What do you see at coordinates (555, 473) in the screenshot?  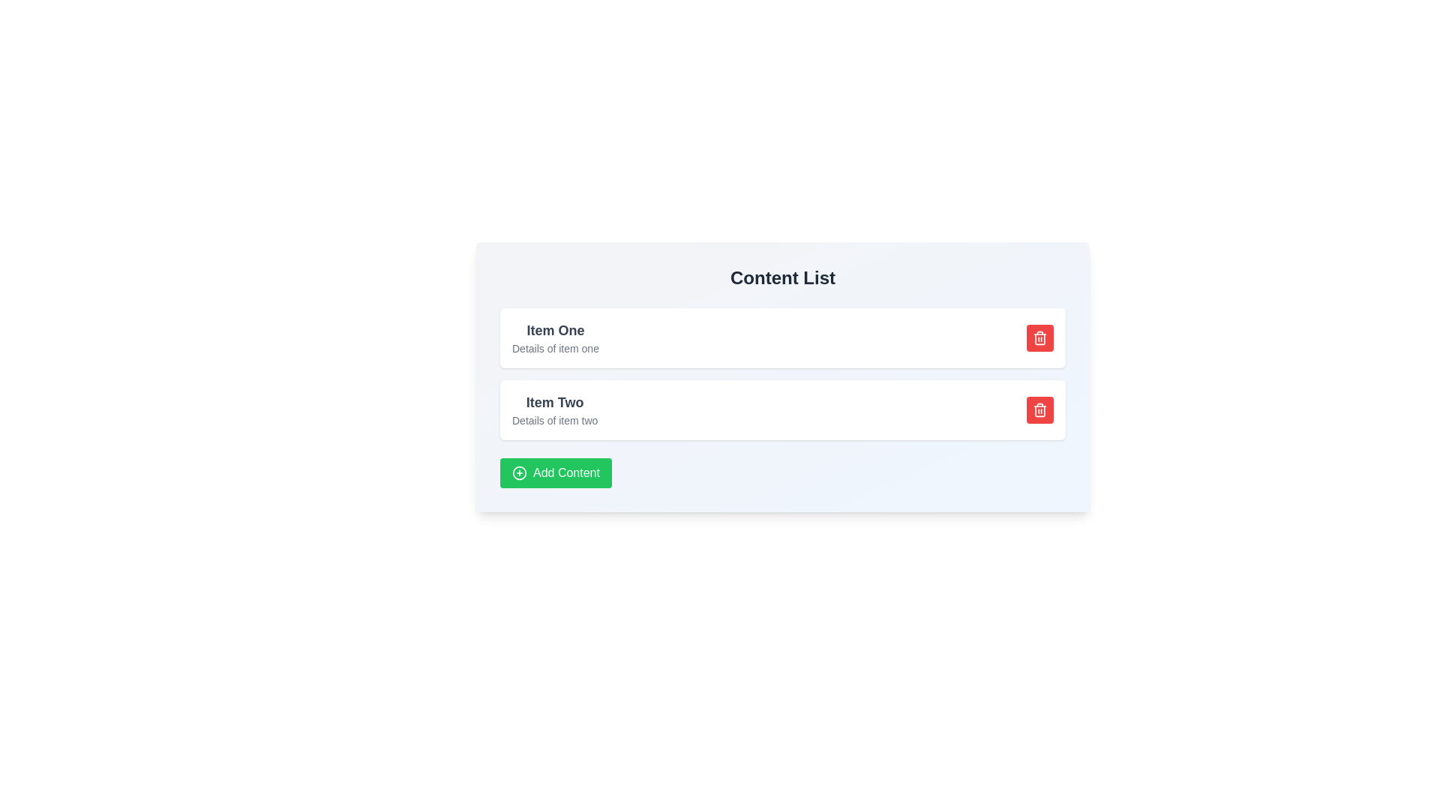 I see `the button at the bottom of the 'Content List' card` at bounding box center [555, 473].